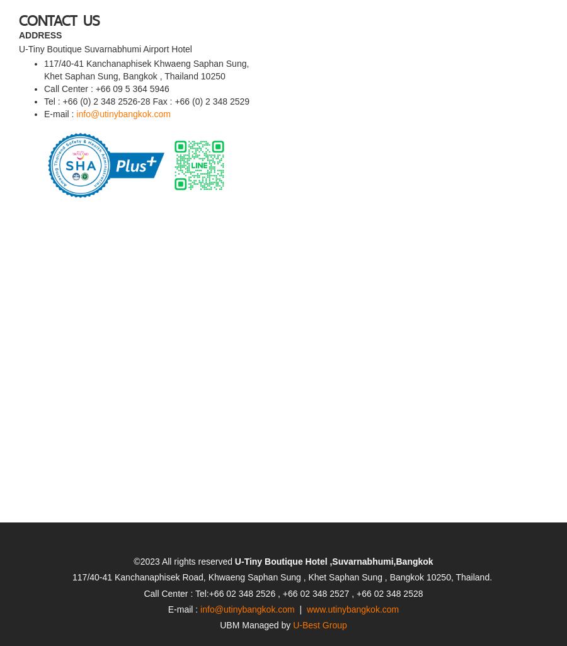  I want to click on 'U-Best Group', so click(319, 589).